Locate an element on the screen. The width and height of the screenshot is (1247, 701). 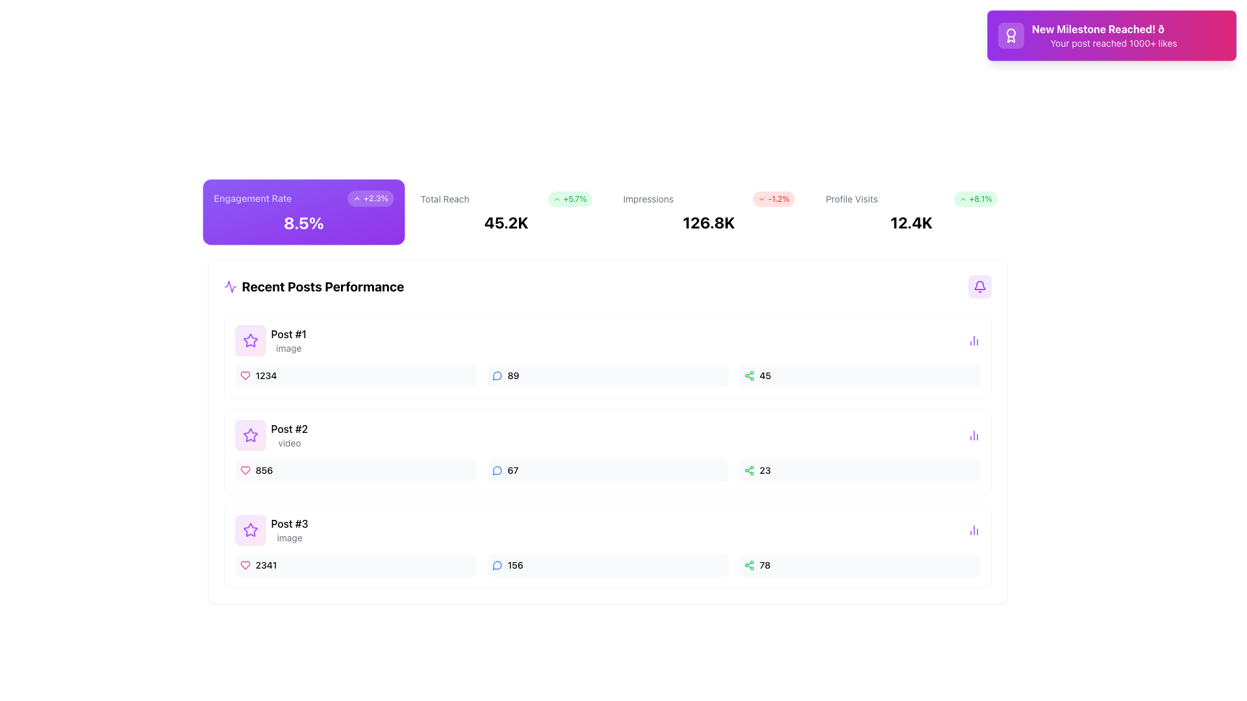
value displayed in the Text Label that shows the quantitative metric for 'Total Reach', centrally positioned within its card among other metrics is located at coordinates (505, 222).